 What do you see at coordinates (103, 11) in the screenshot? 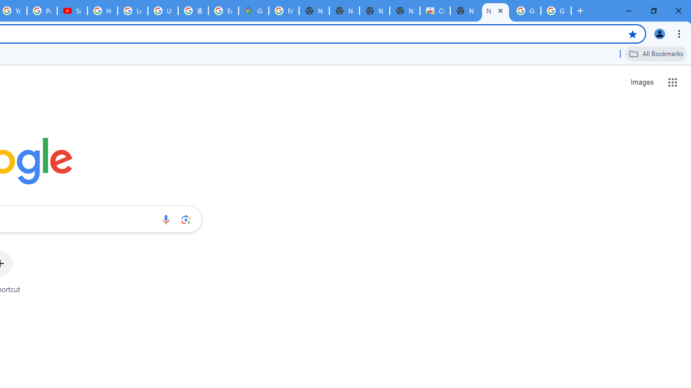
I see `'How Chrome protects your passwords - Google Chrome Help'` at bounding box center [103, 11].